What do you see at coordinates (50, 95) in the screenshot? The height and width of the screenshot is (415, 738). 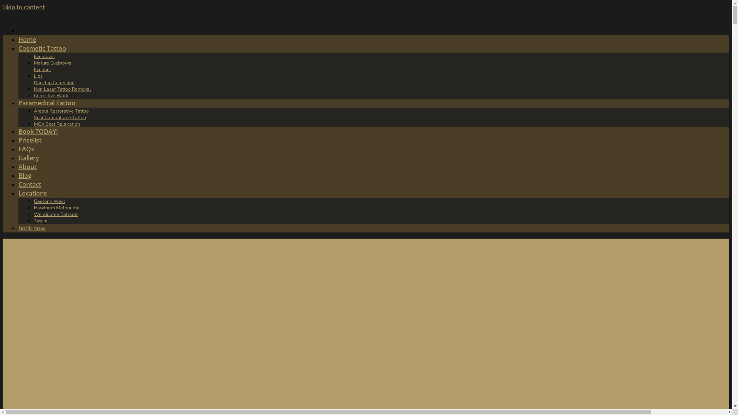 I see `'Corrective Work'` at bounding box center [50, 95].